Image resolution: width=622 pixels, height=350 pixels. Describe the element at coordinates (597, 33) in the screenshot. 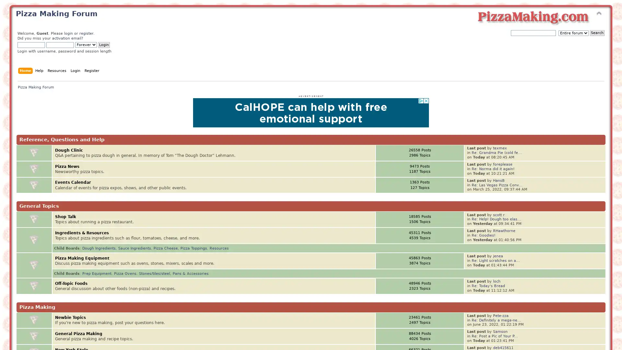

I see `Search` at that location.